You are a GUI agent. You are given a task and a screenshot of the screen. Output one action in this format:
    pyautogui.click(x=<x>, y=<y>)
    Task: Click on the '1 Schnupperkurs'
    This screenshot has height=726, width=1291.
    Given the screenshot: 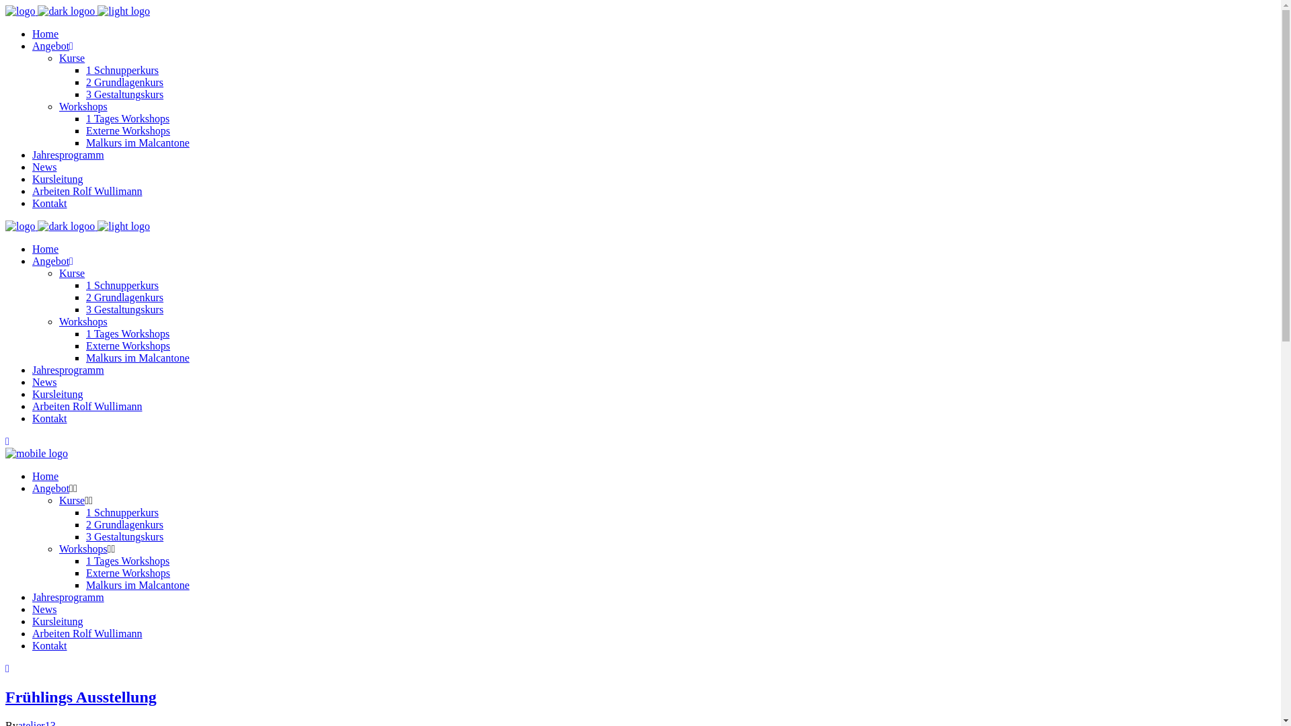 What is the action you would take?
    pyautogui.click(x=122, y=70)
    